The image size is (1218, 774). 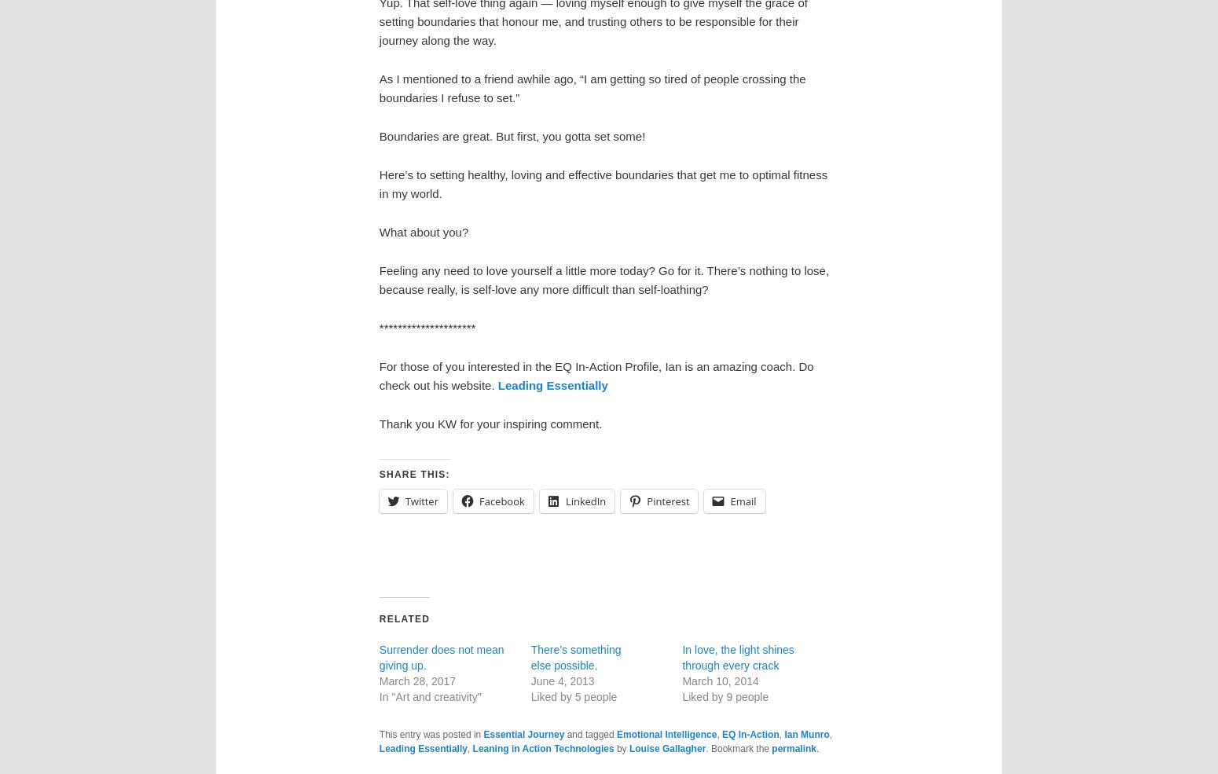 What do you see at coordinates (592, 88) in the screenshot?
I see `'As I mentioned to a friend awhile ago, “I am getting so tired of people crossing the boundaries I refuse to set.”'` at bounding box center [592, 88].